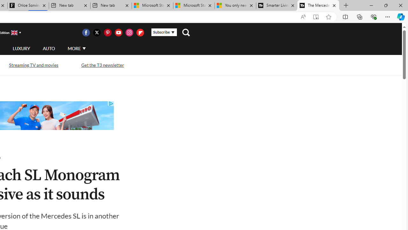 This screenshot has height=230, width=408. I want to click on 'MORE ', so click(76, 48).